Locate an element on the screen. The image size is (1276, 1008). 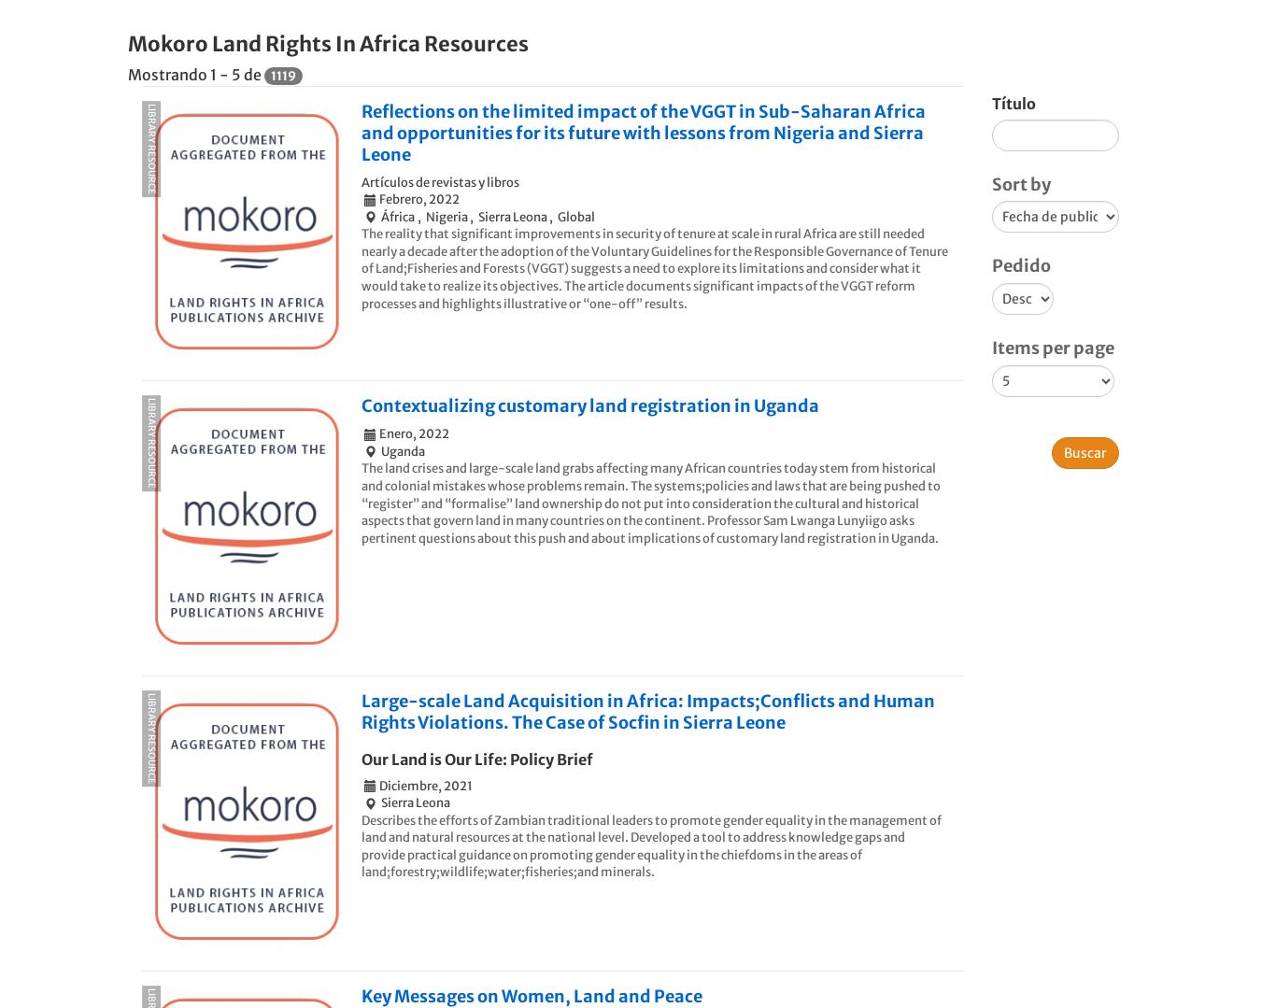
'Febrero, 2022' is located at coordinates (377, 198).